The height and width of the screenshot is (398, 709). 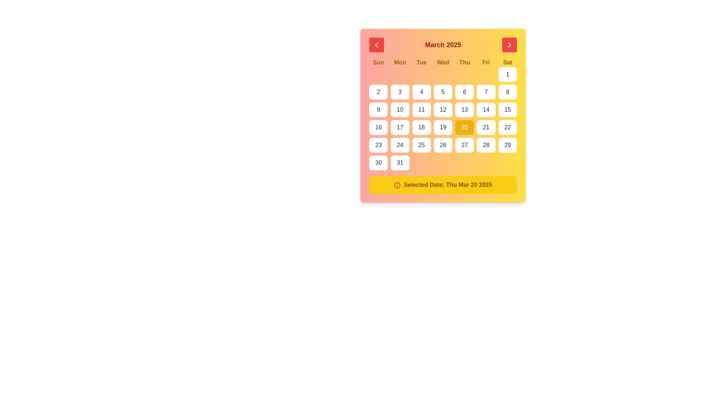 What do you see at coordinates (421, 62) in the screenshot?
I see `the Text label for Tuesday, which is the third element in a row of seven days of the week in the calendar interface, positioned between 'Mon' and 'Wed'` at bounding box center [421, 62].